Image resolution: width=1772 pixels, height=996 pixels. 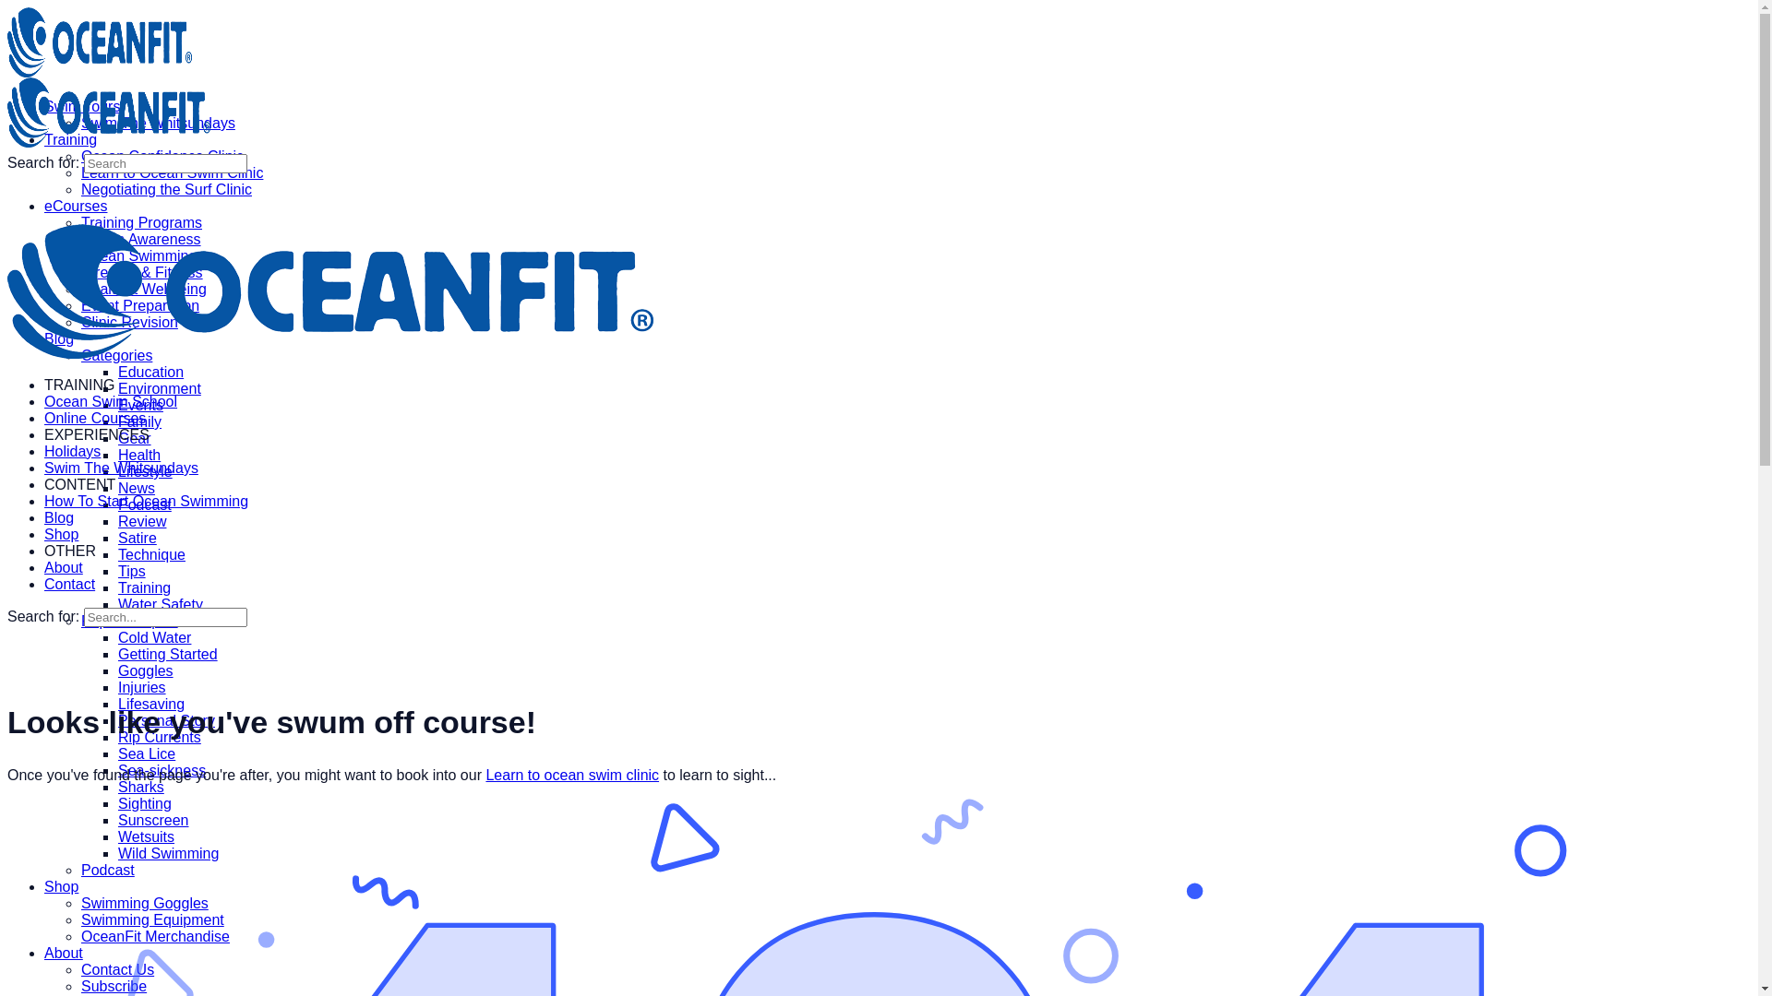 What do you see at coordinates (138, 455) in the screenshot?
I see `'Health'` at bounding box center [138, 455].